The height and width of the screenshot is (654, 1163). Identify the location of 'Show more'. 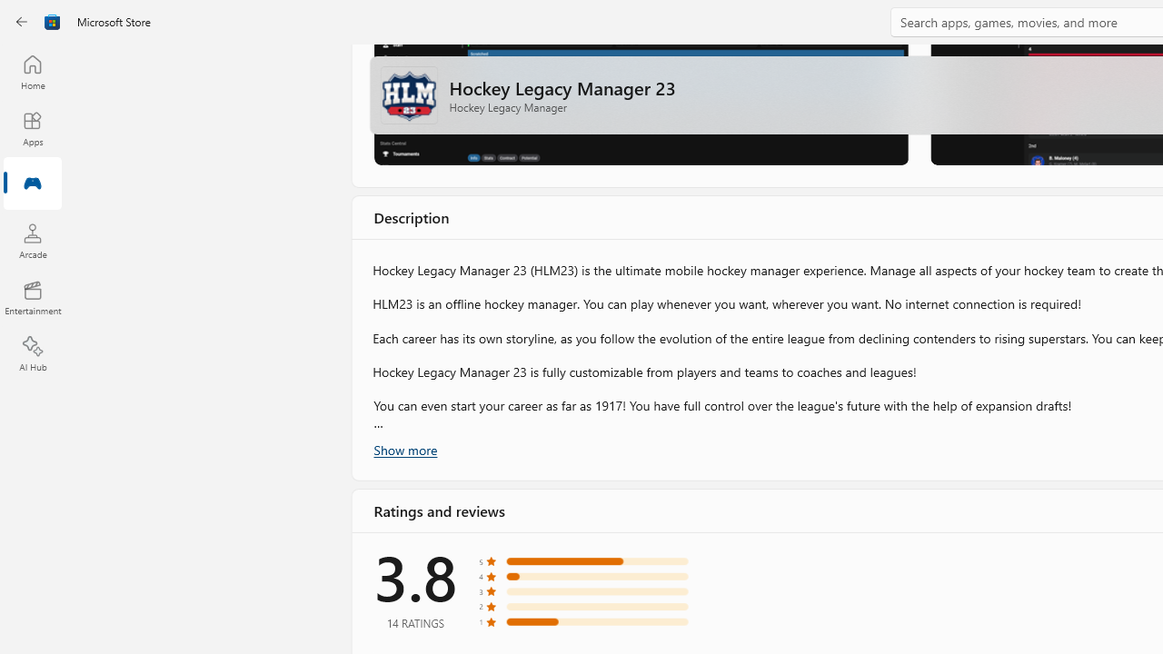
(403, 449).